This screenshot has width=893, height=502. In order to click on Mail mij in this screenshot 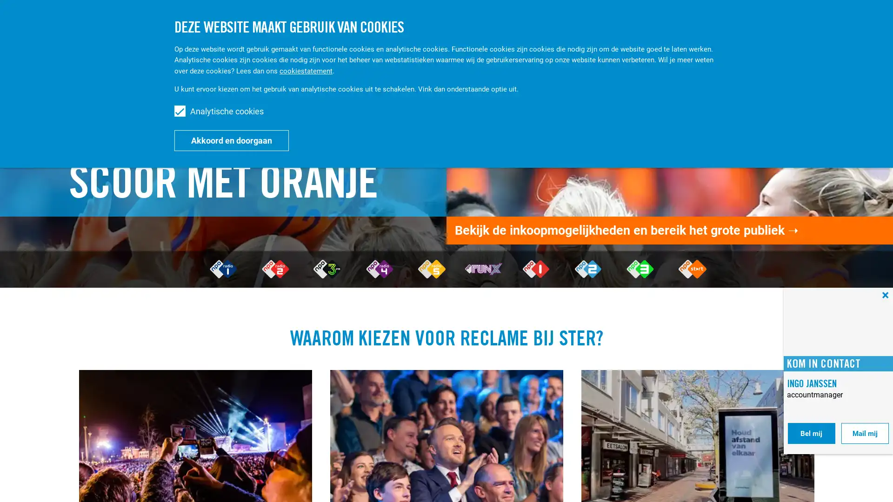, I will do `click(865, 433)`.